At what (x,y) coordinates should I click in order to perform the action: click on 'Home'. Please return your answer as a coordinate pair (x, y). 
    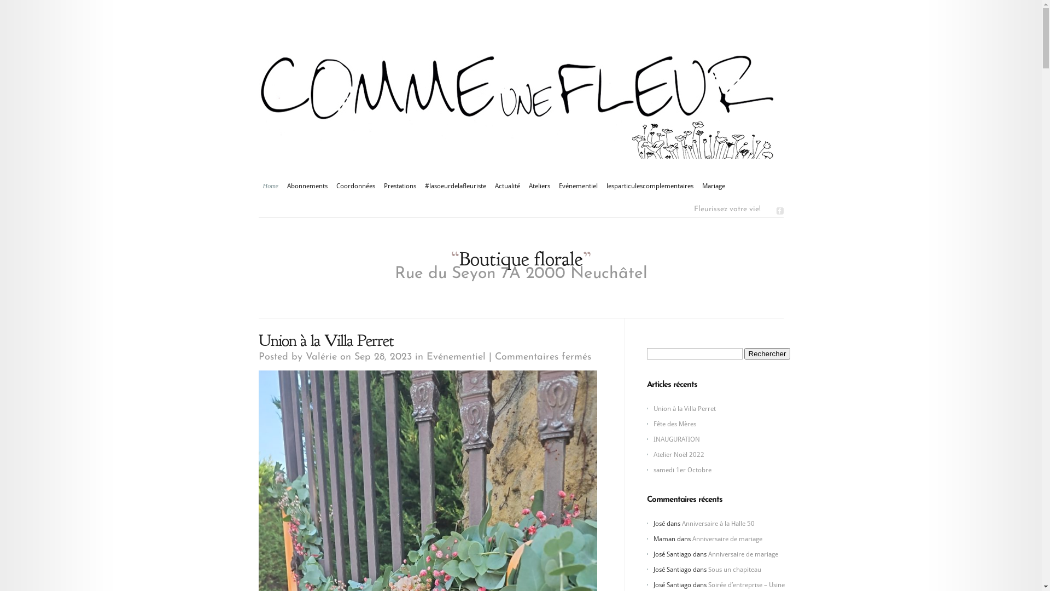
    Looking at the image, I should click on (270, 185).